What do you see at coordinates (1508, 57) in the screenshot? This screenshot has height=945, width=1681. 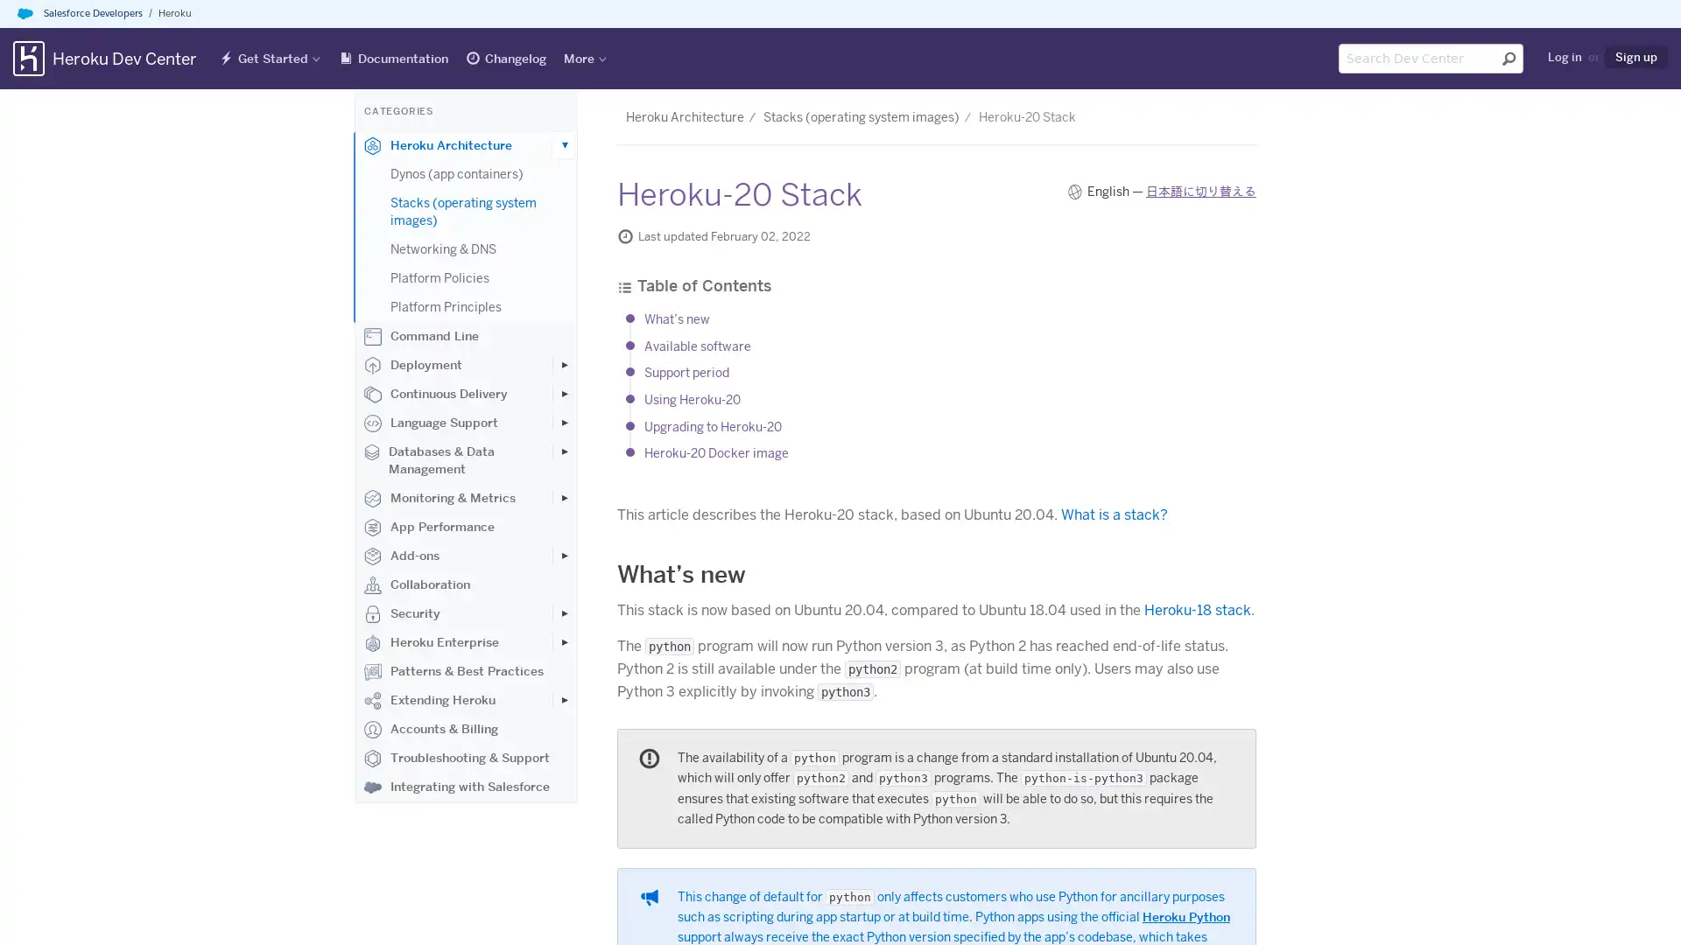 I see `Submit search` at bounding box center [1508, 57].